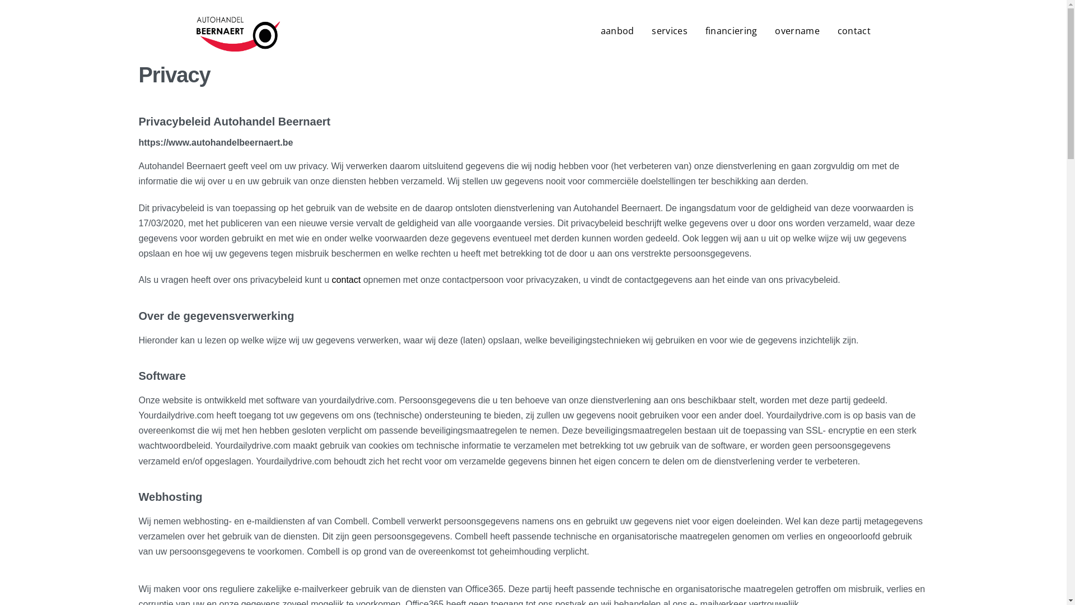 This screenshot has width=1075, height=605. I want to click on 'aanbod', so click(617, 30).